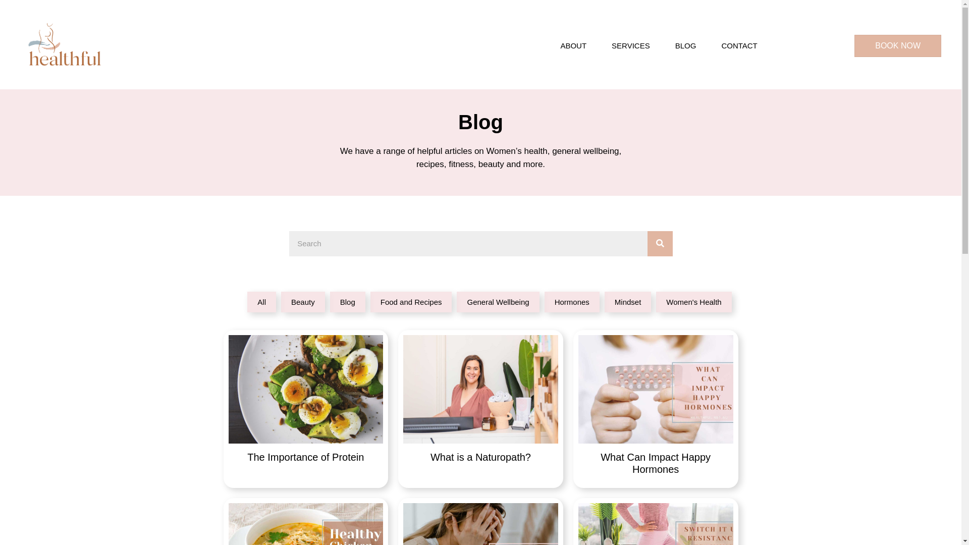 Image resolution: width=969 pixels, height=545 pixels. Describe the element at coordinates (480, 389) in the screenshot. I see `'healthful-wellness-jac-naturopathy'` at that location.